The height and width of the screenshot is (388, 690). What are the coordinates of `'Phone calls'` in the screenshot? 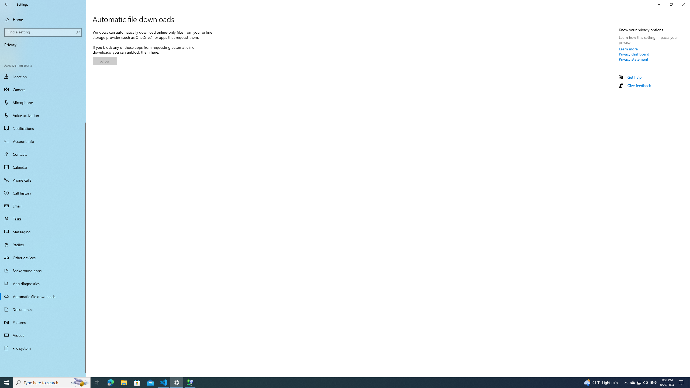 It's located at (43, 180).